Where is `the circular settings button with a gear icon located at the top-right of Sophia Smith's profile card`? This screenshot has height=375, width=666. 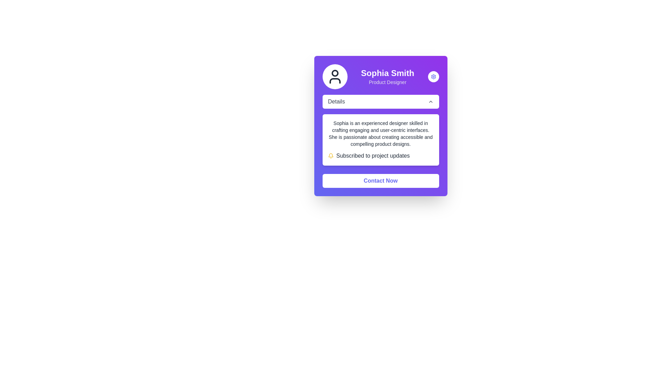
the circular settings button with a gear icon located at the top-right of Sophia Smith's profile card is located at coordinates (433, 76).